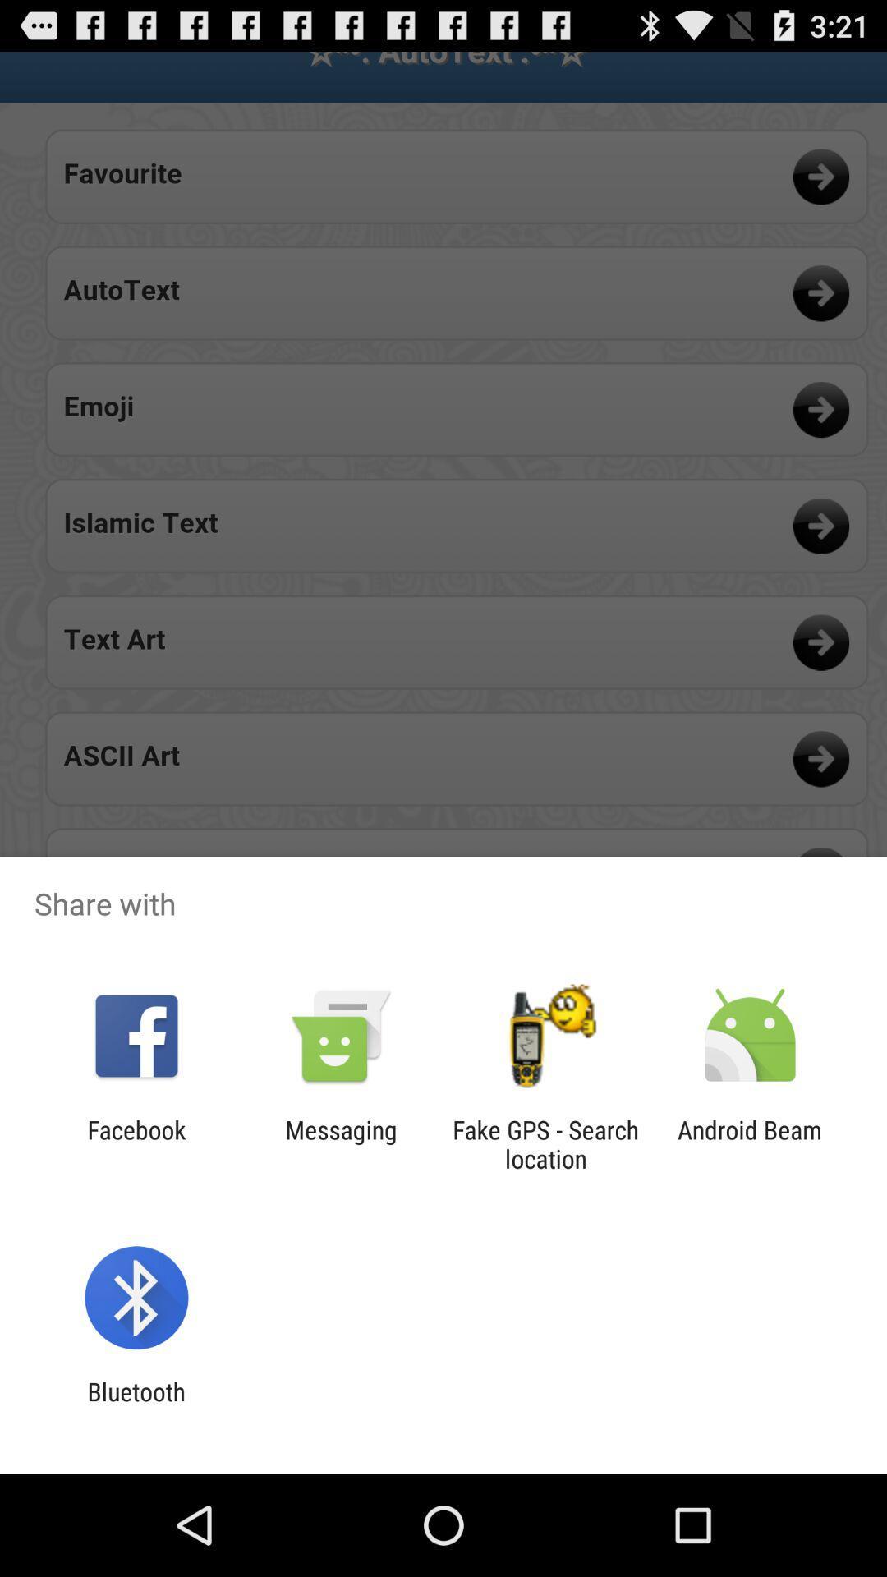 This screenshot has height=1577, width=887. Describe the element at coordinates (340, 1143) in the screenshot. I see `app next to the facebook app` at that location.